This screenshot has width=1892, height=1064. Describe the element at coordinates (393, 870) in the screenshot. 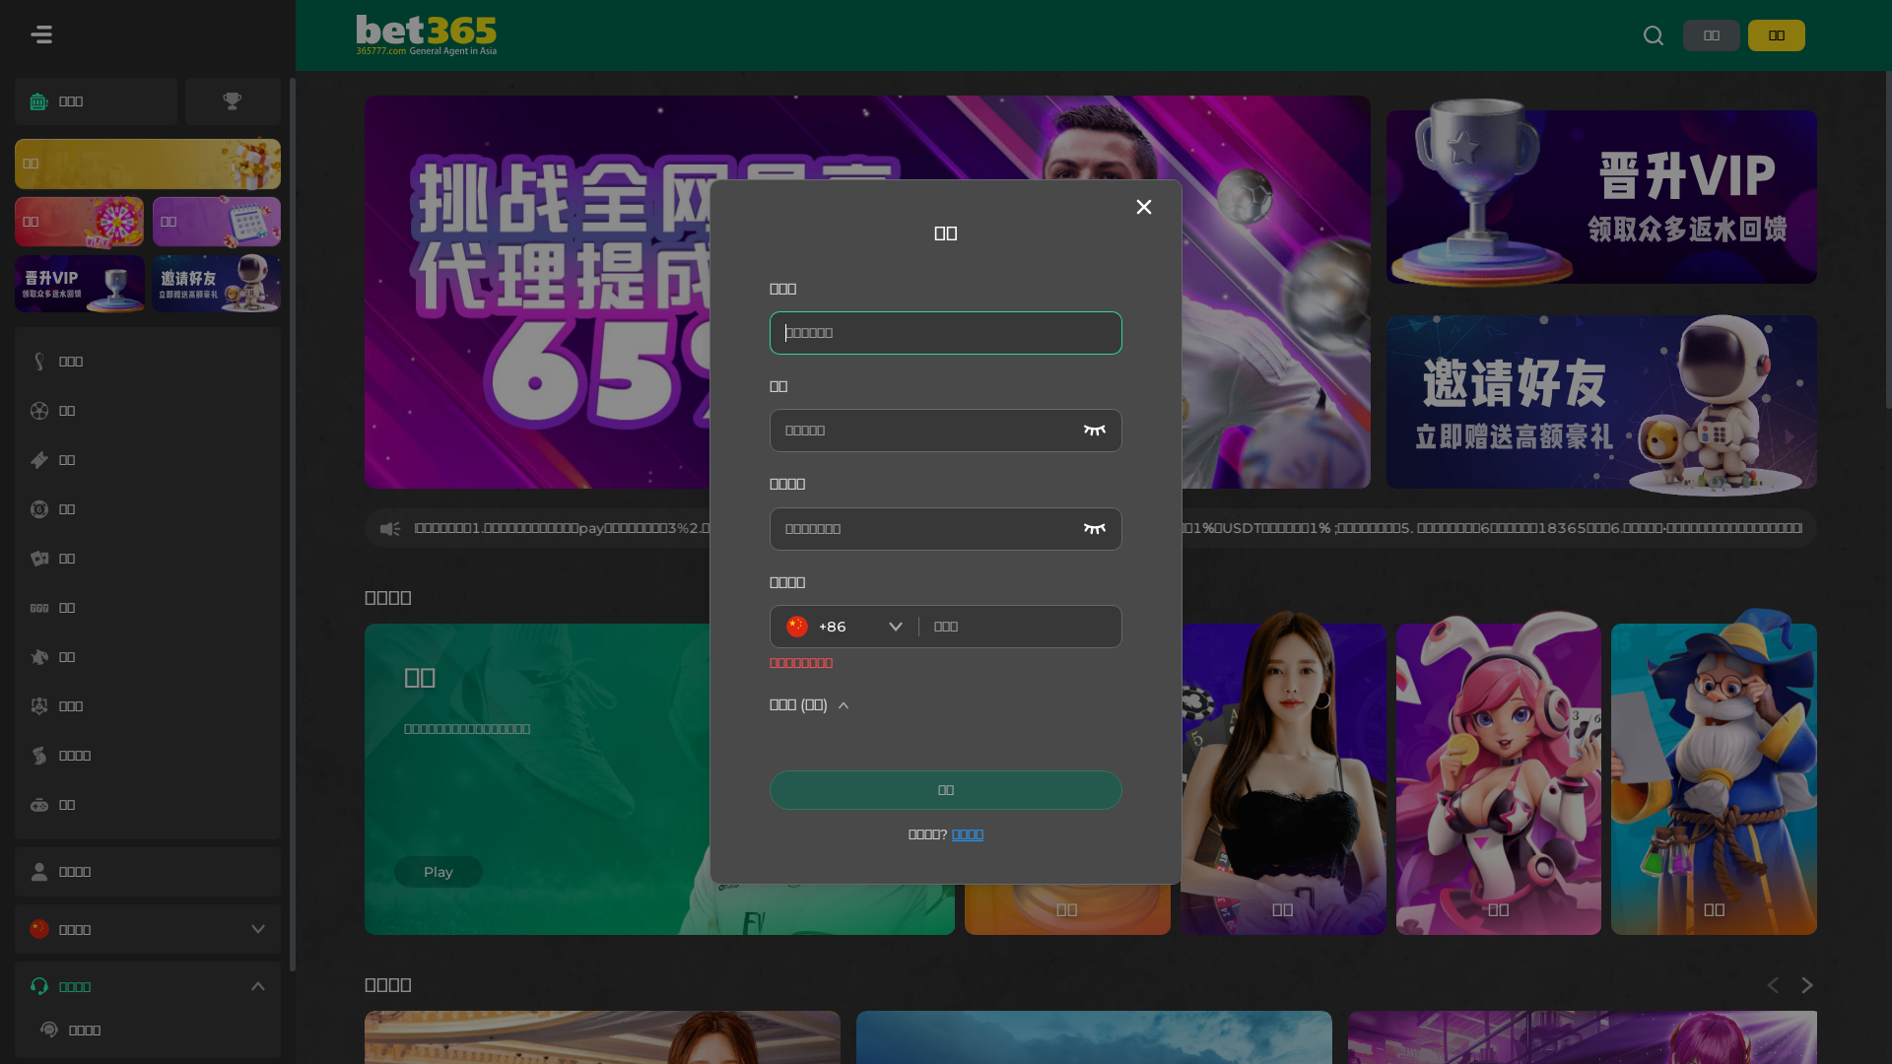

I see `'Play'` at that location.